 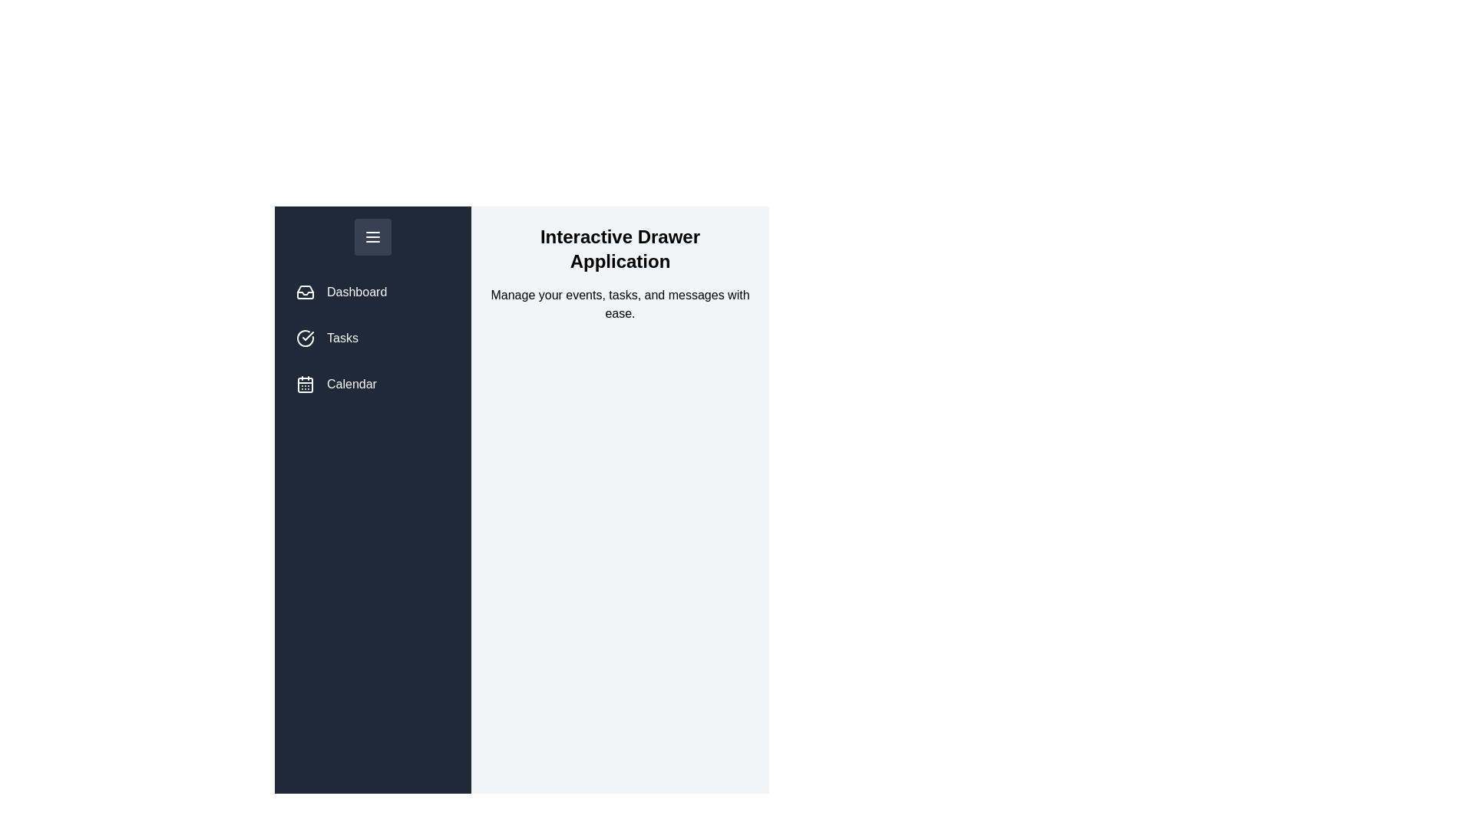 I want to click on text label displaying 'Calendar' in white font, located in the vertical sidebar menu as the third item, so click(x=351, y=384).